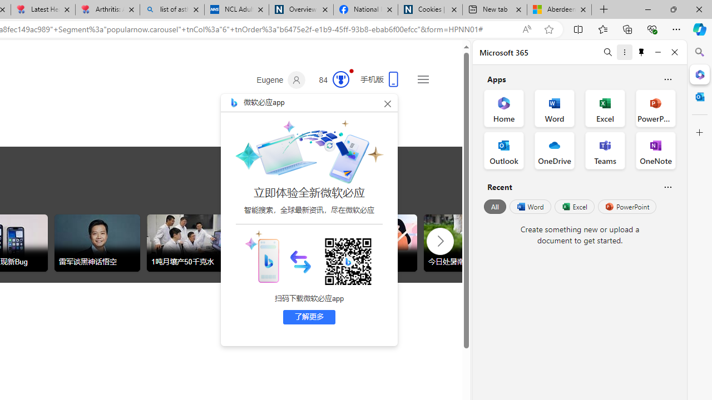 The width and height of the screenshot is (712, 400). I want to click on 'list of asthma inhalers uk - Search', so click(171, 9).